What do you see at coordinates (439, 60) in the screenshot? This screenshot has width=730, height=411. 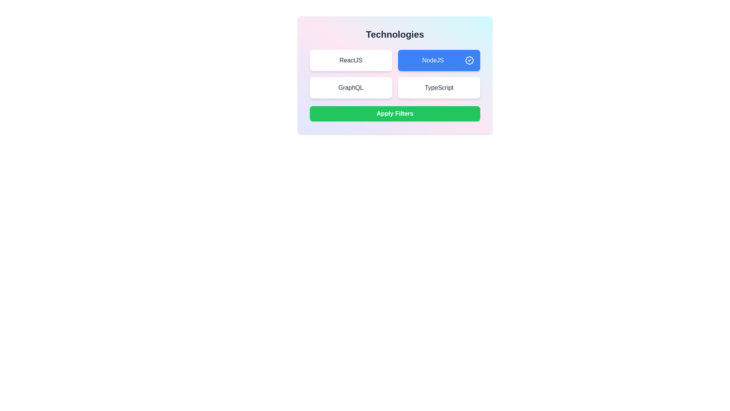 I see `the chip with label NodeJS` at bounding box center [439, 60].